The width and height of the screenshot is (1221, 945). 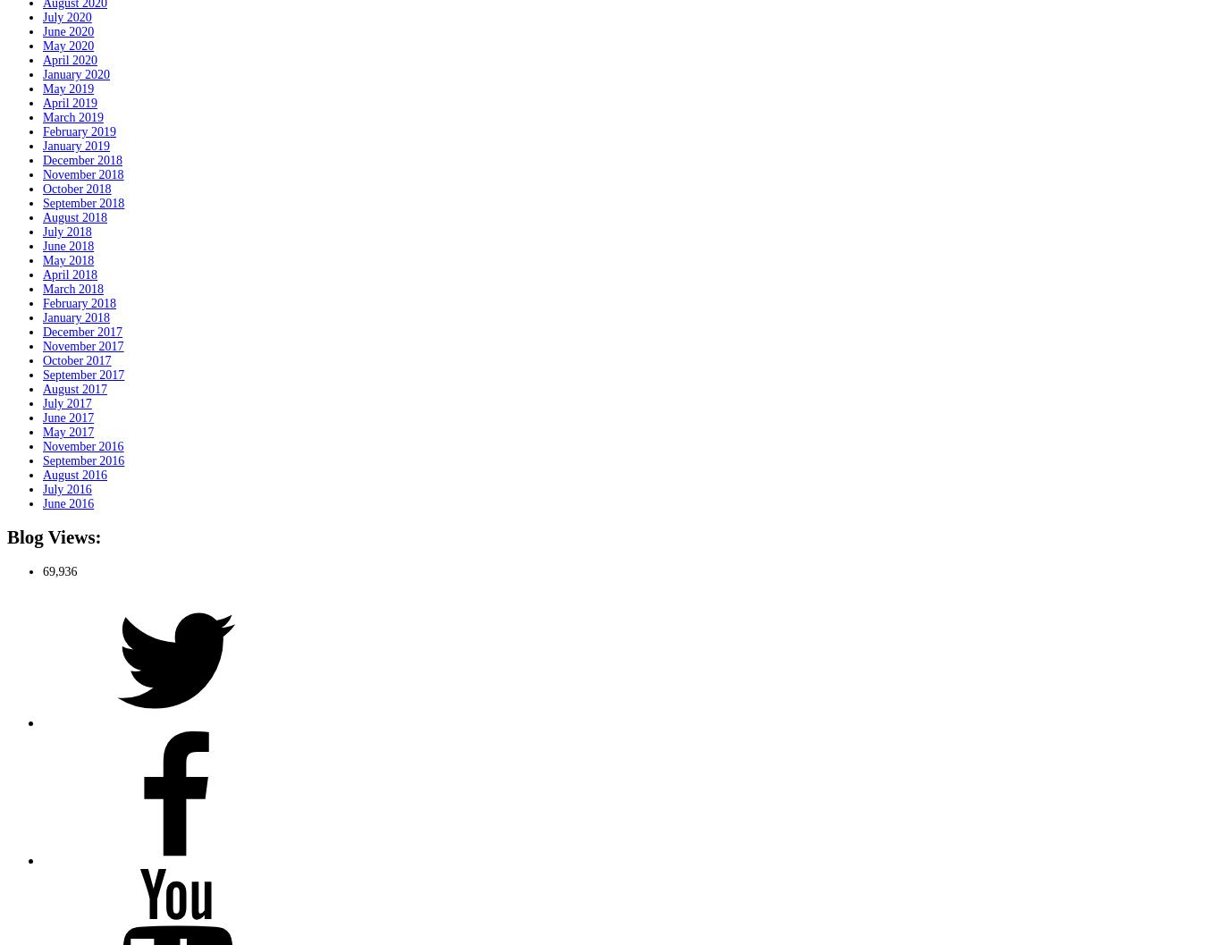 I want to click on 'December 2017', so click(x=82, y=331).